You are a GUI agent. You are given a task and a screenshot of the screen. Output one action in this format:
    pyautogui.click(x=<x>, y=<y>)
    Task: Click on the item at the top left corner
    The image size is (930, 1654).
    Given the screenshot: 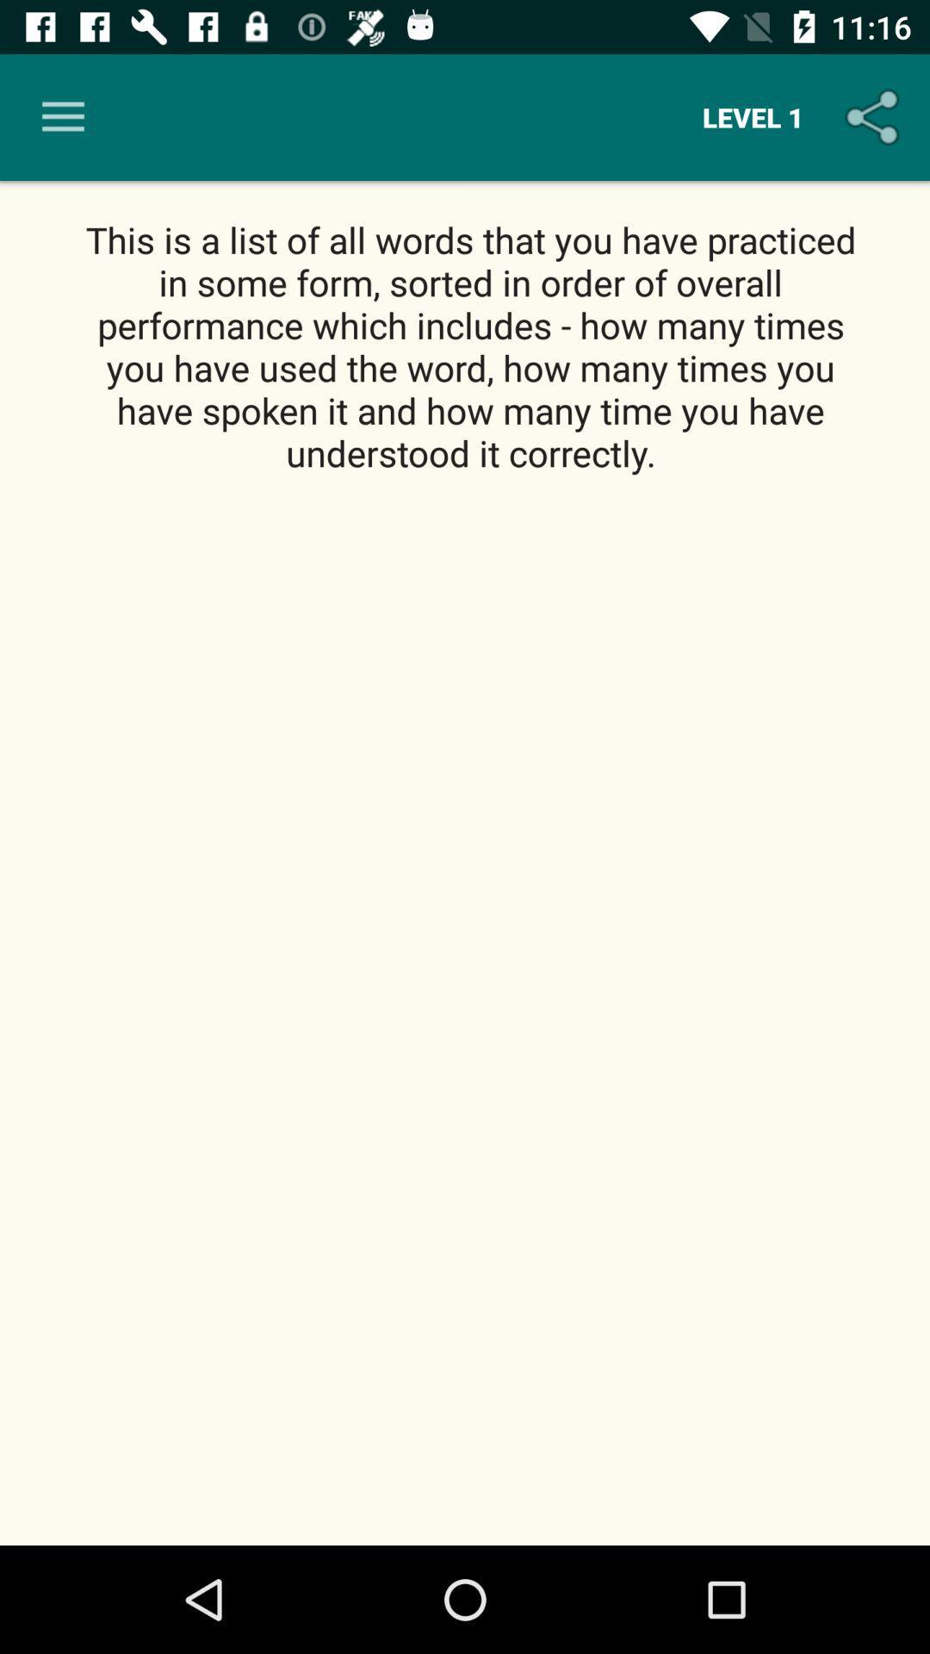 What is the action you would take?
    pyautogui.click(x=62, y=116)
    